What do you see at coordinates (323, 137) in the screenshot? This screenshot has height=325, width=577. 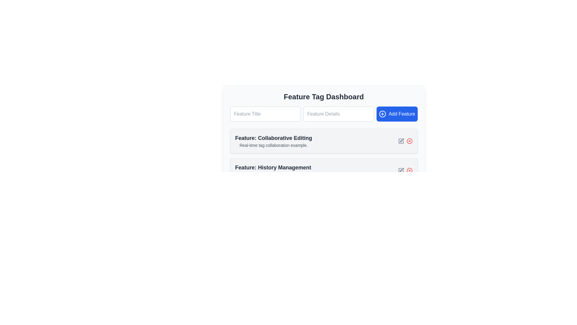 I see `the 'Feature: Collaborative Editing' card in the 'Feature Tag Dashboard'` at bounding box center [323, 137].